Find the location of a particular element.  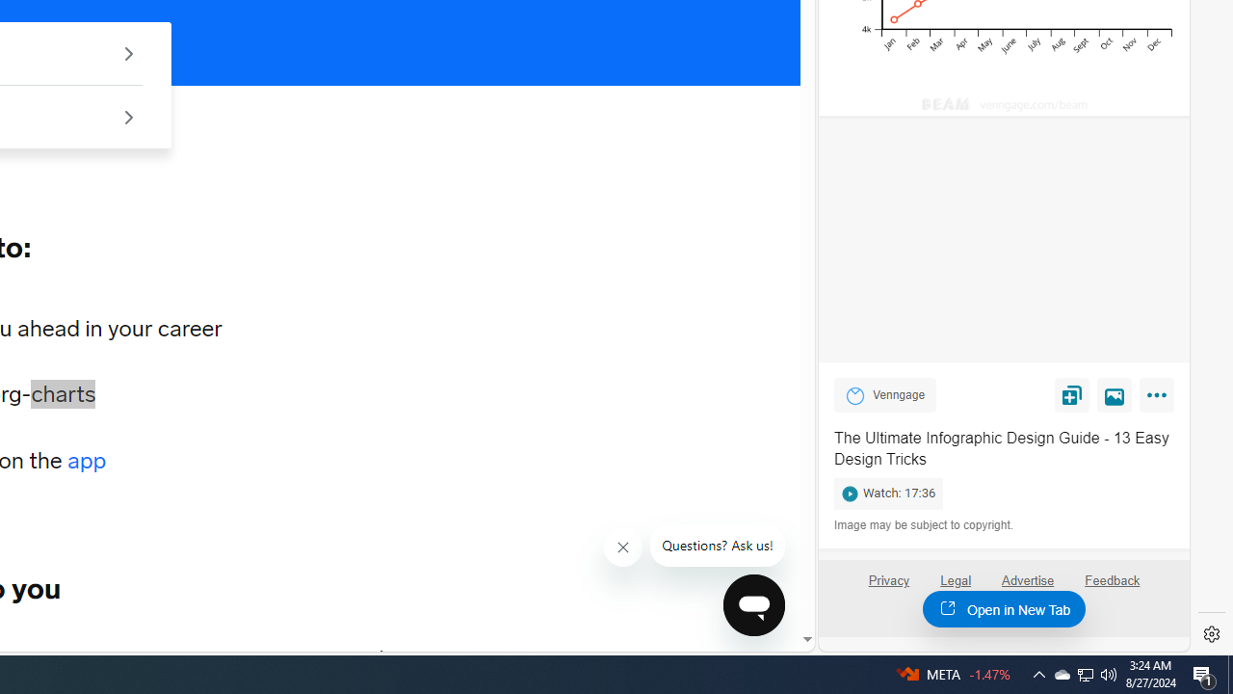

'Image may be subject to copyright.' is located at coordinates (925, 525).